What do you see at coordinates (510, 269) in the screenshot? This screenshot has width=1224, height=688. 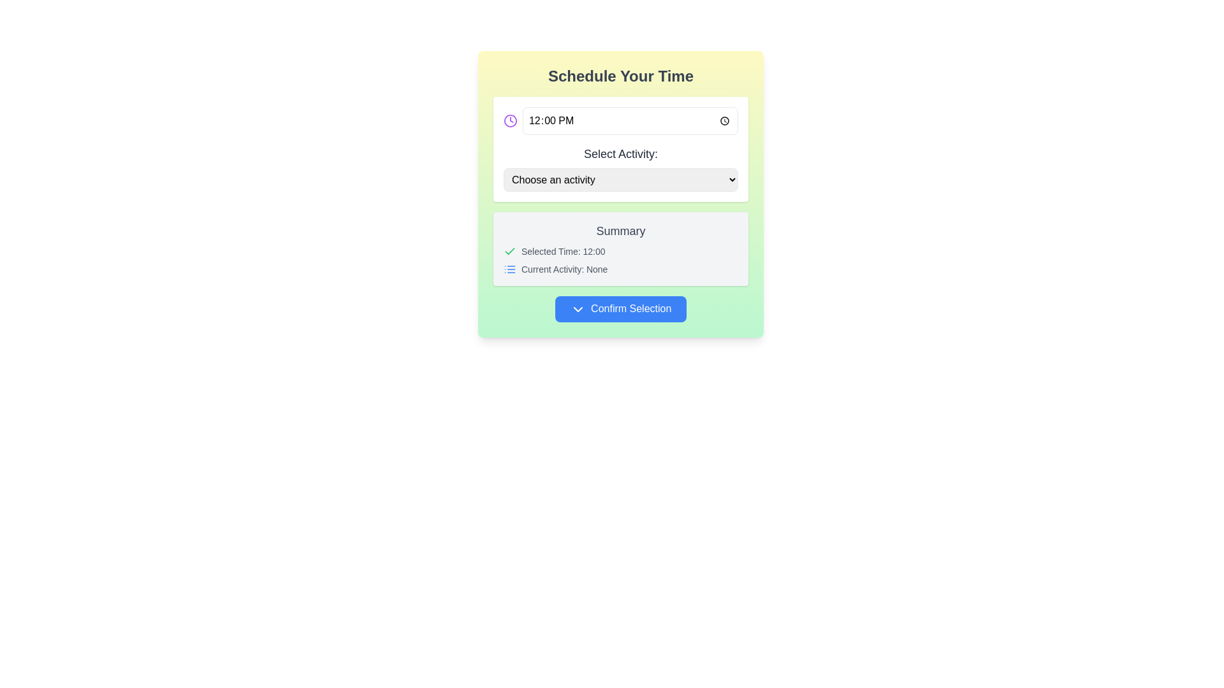 I see `the icon located in the lower portion of the displayed card interface, specifically to the left of the text 'Current Activity: None'` at bounding box center [510, 269].